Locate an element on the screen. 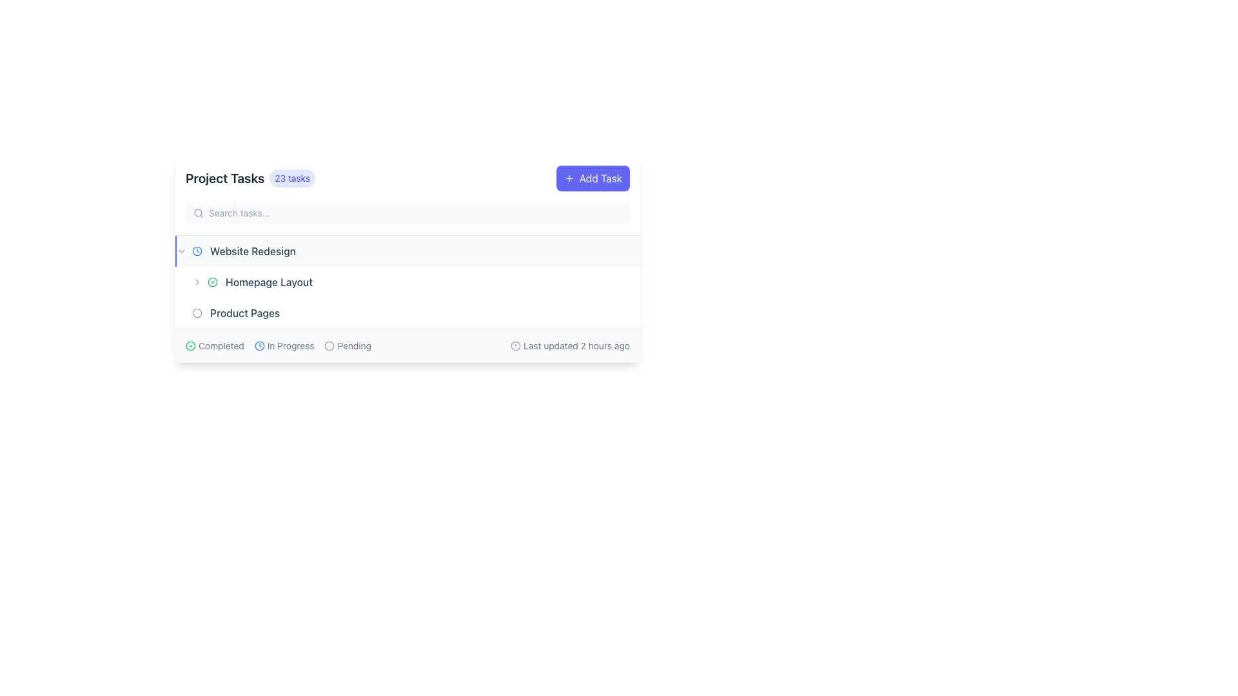 The height and width of the screenshot is (696, 1238). the state of the status indicator icon that marks the associated task as completed, located to the left of the 'Homepage Layout' text in the task item list is located at coordinates (213, 282).